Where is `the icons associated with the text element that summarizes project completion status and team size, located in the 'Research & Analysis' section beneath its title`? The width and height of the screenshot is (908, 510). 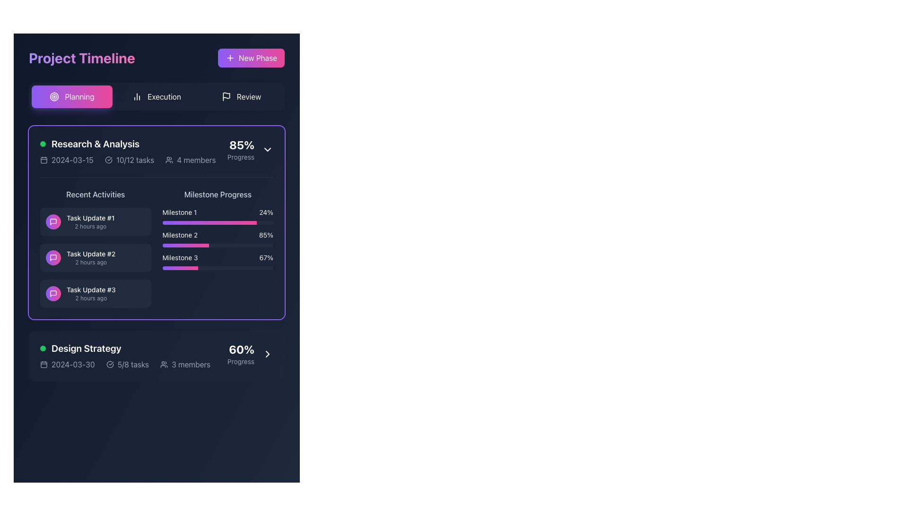 the icons associated with the text element that summarizes project completion status and team size, located in the 'Research & Analysis' section beneath its title is located at coordinates (127, 160).